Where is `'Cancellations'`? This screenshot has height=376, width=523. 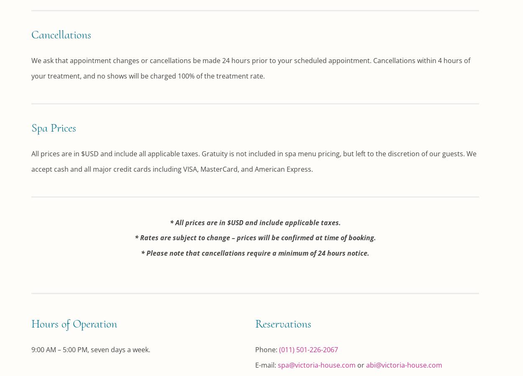
'Cancellations' is located at coordinates (61, 34).